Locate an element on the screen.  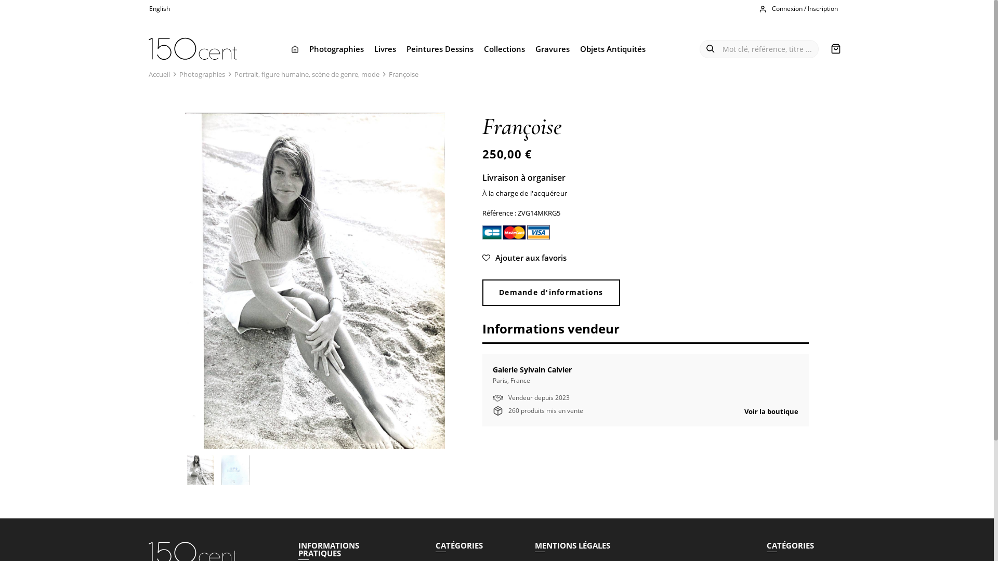
'Livres' is located at coordinates (369, 48).